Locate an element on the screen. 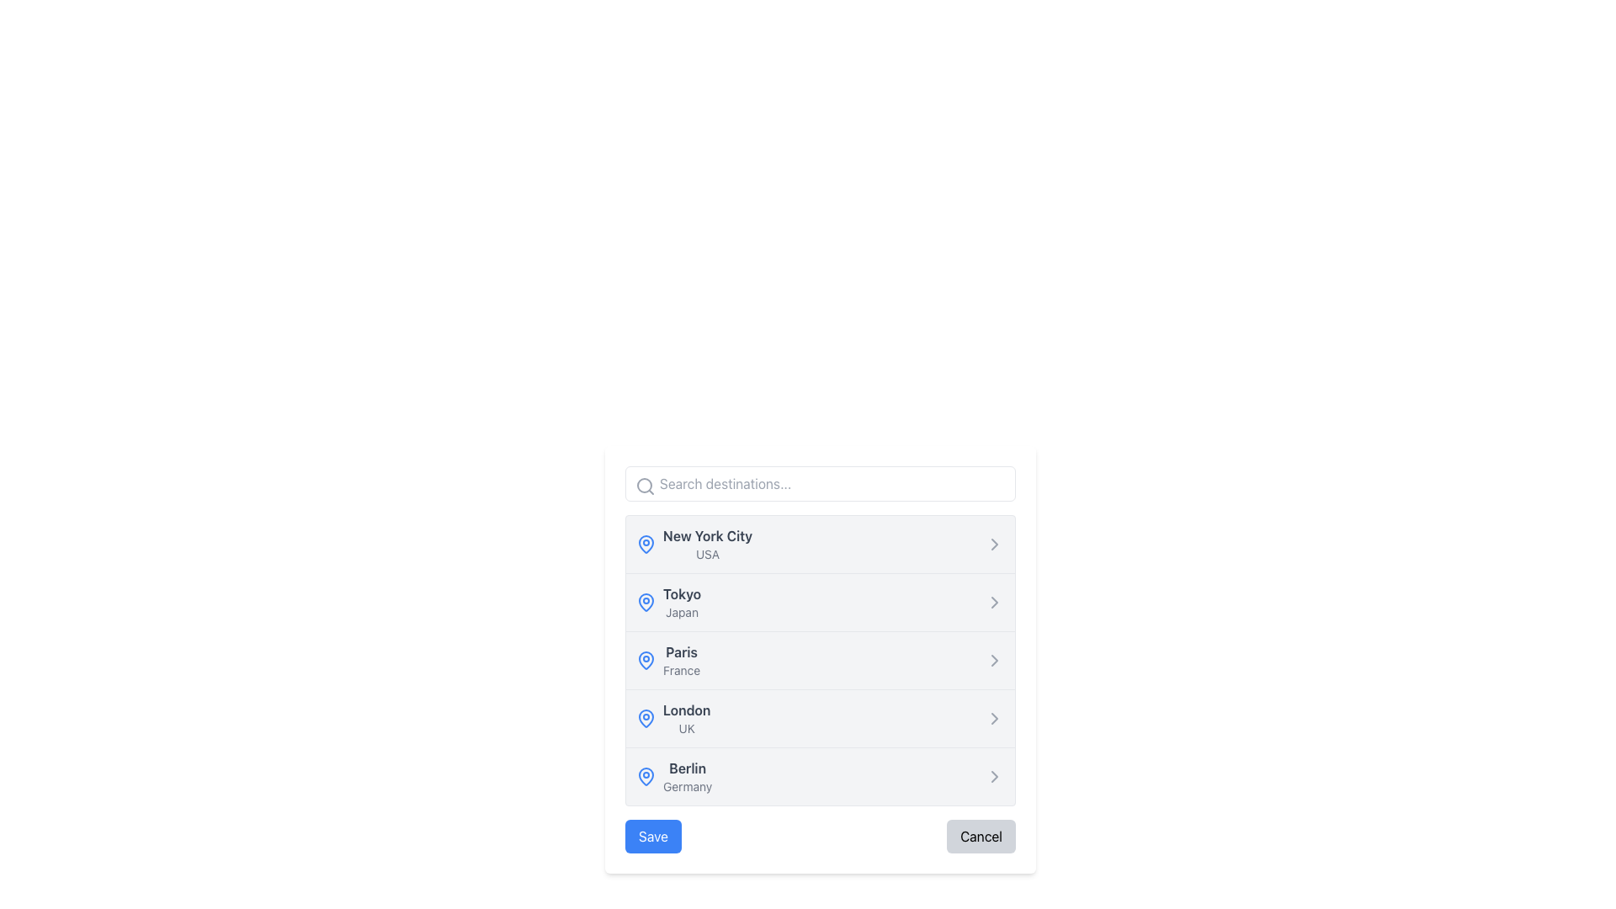 The image size is (1616, 909). the outer map pin icon with a blue border that appears before the text 'Tokyo, Japan' is located at coordinates (646, 600).